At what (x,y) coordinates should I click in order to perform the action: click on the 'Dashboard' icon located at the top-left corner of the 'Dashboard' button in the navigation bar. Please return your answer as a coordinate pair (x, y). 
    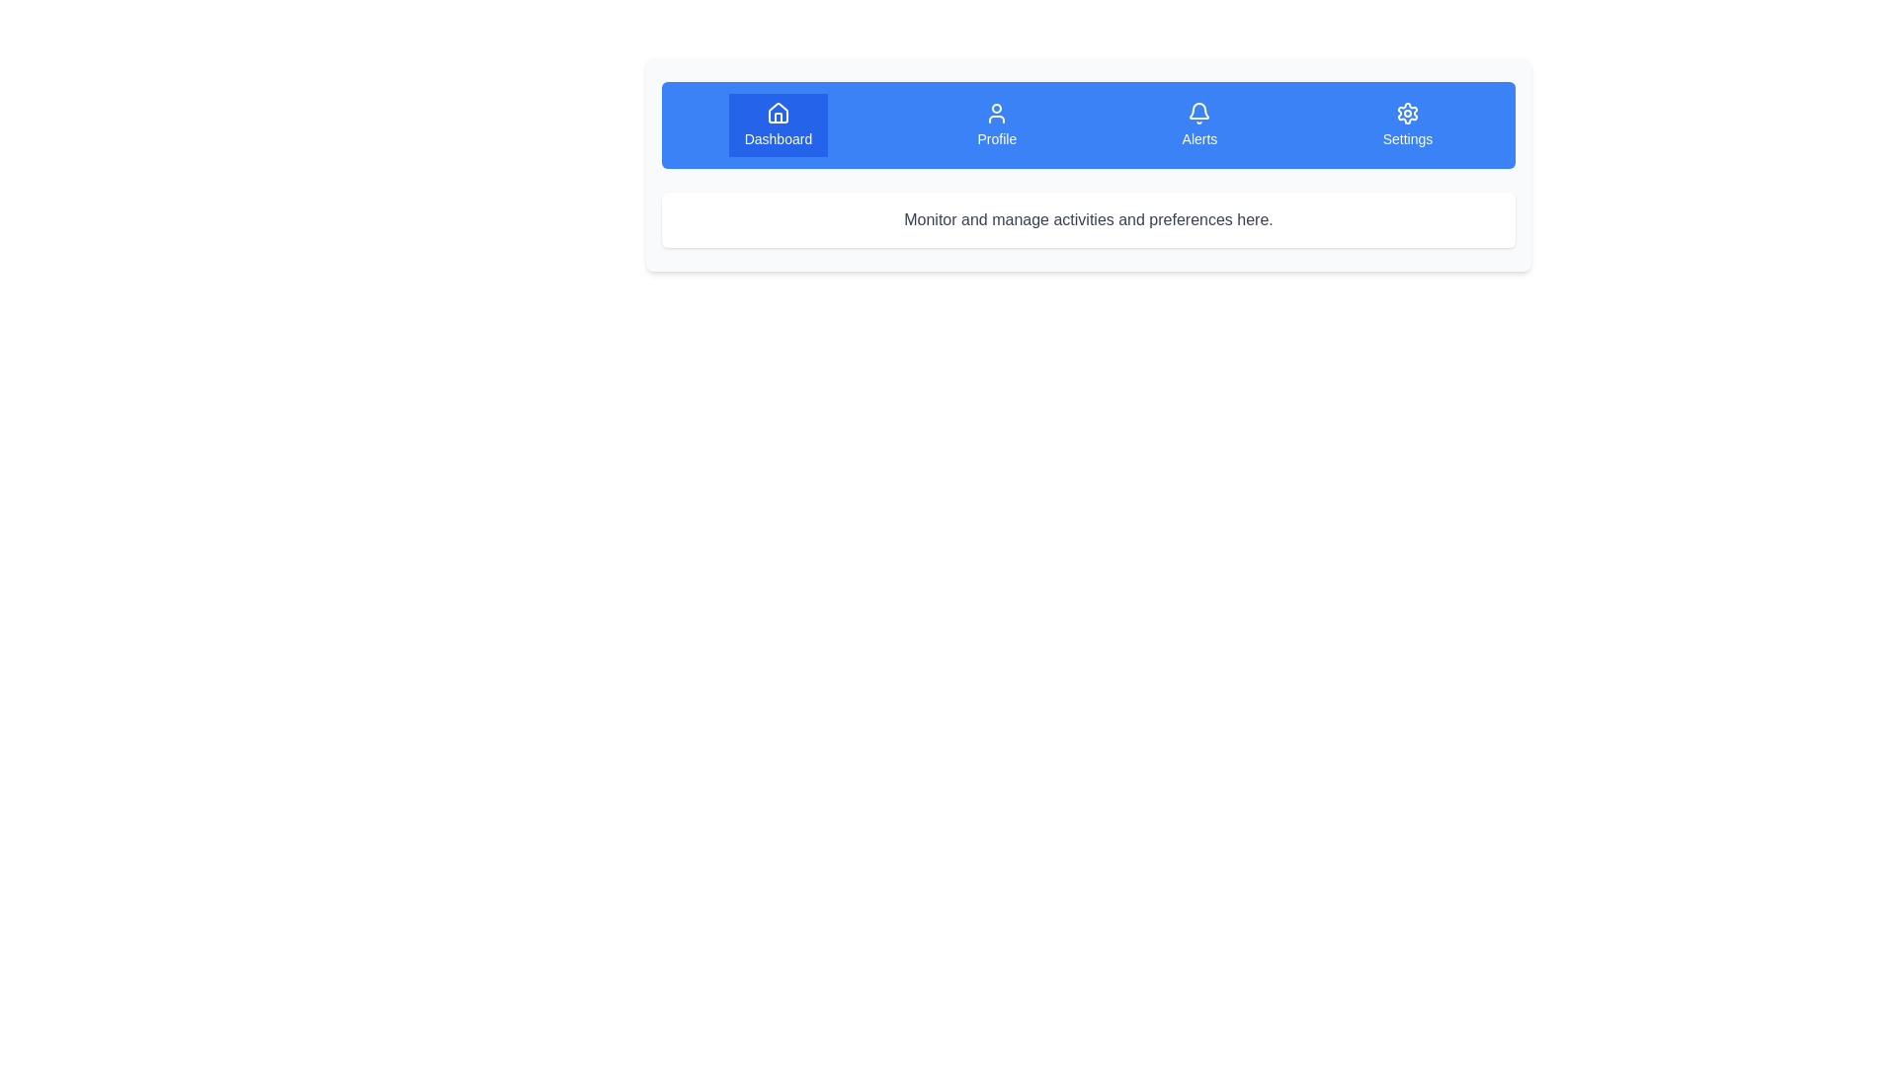
    Looking at the image, I should click on (777, 114).